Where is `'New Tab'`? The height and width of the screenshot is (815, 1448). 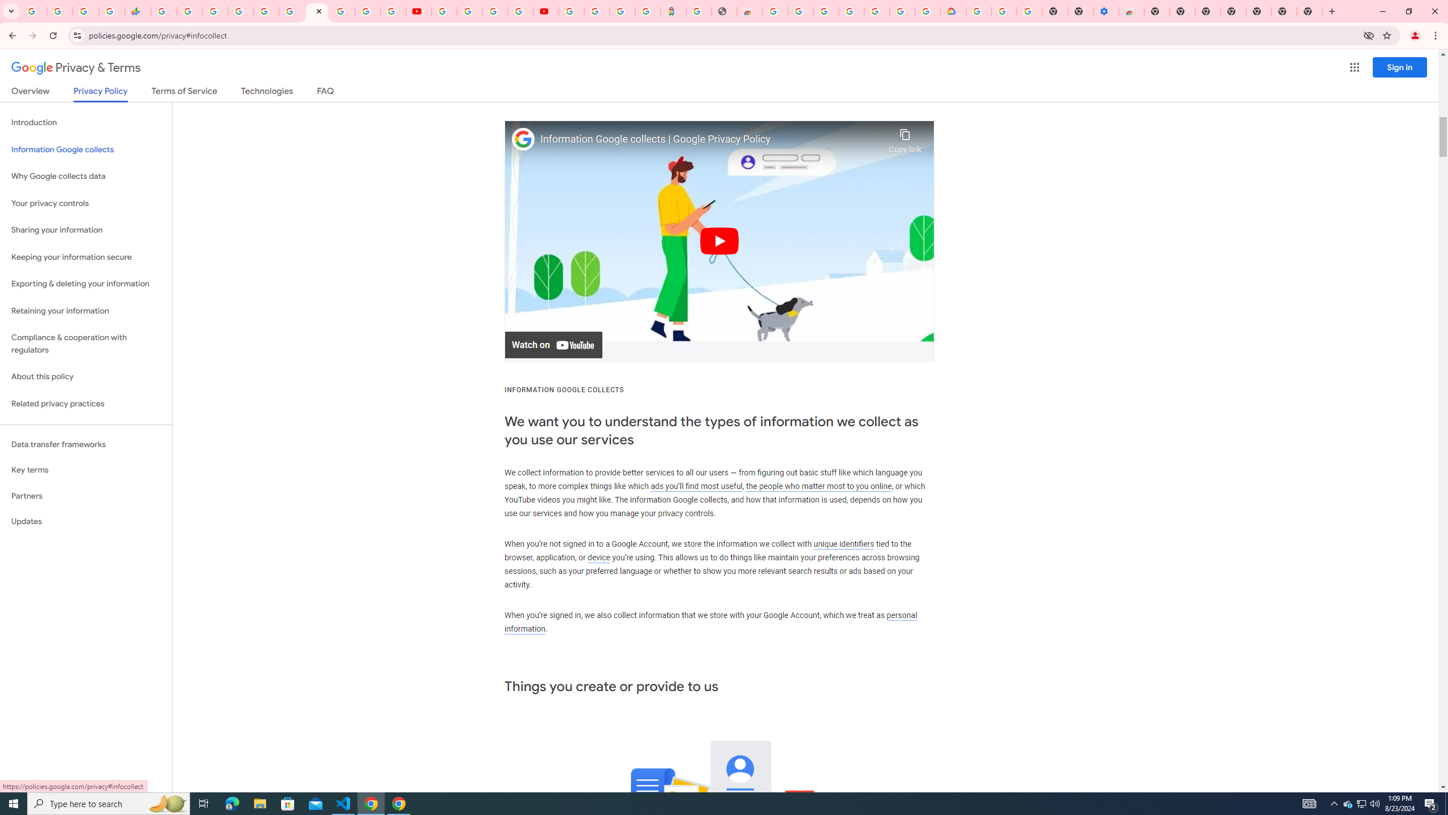
'New Tab' is located at coordinates (1259, 11).